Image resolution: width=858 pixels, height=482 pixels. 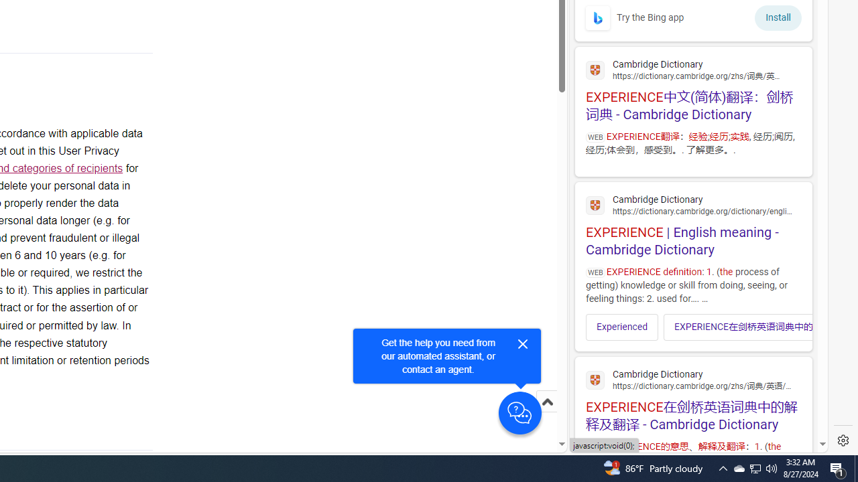 What do you see at coordinates (547, 400) in the screenshot?
I see `'Scroll to top'` at bounding box center [547, 400].